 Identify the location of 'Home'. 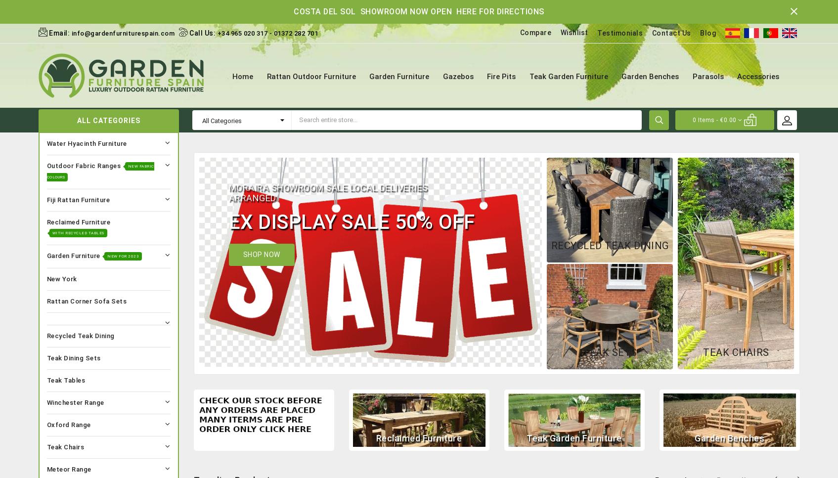
(242, 76).